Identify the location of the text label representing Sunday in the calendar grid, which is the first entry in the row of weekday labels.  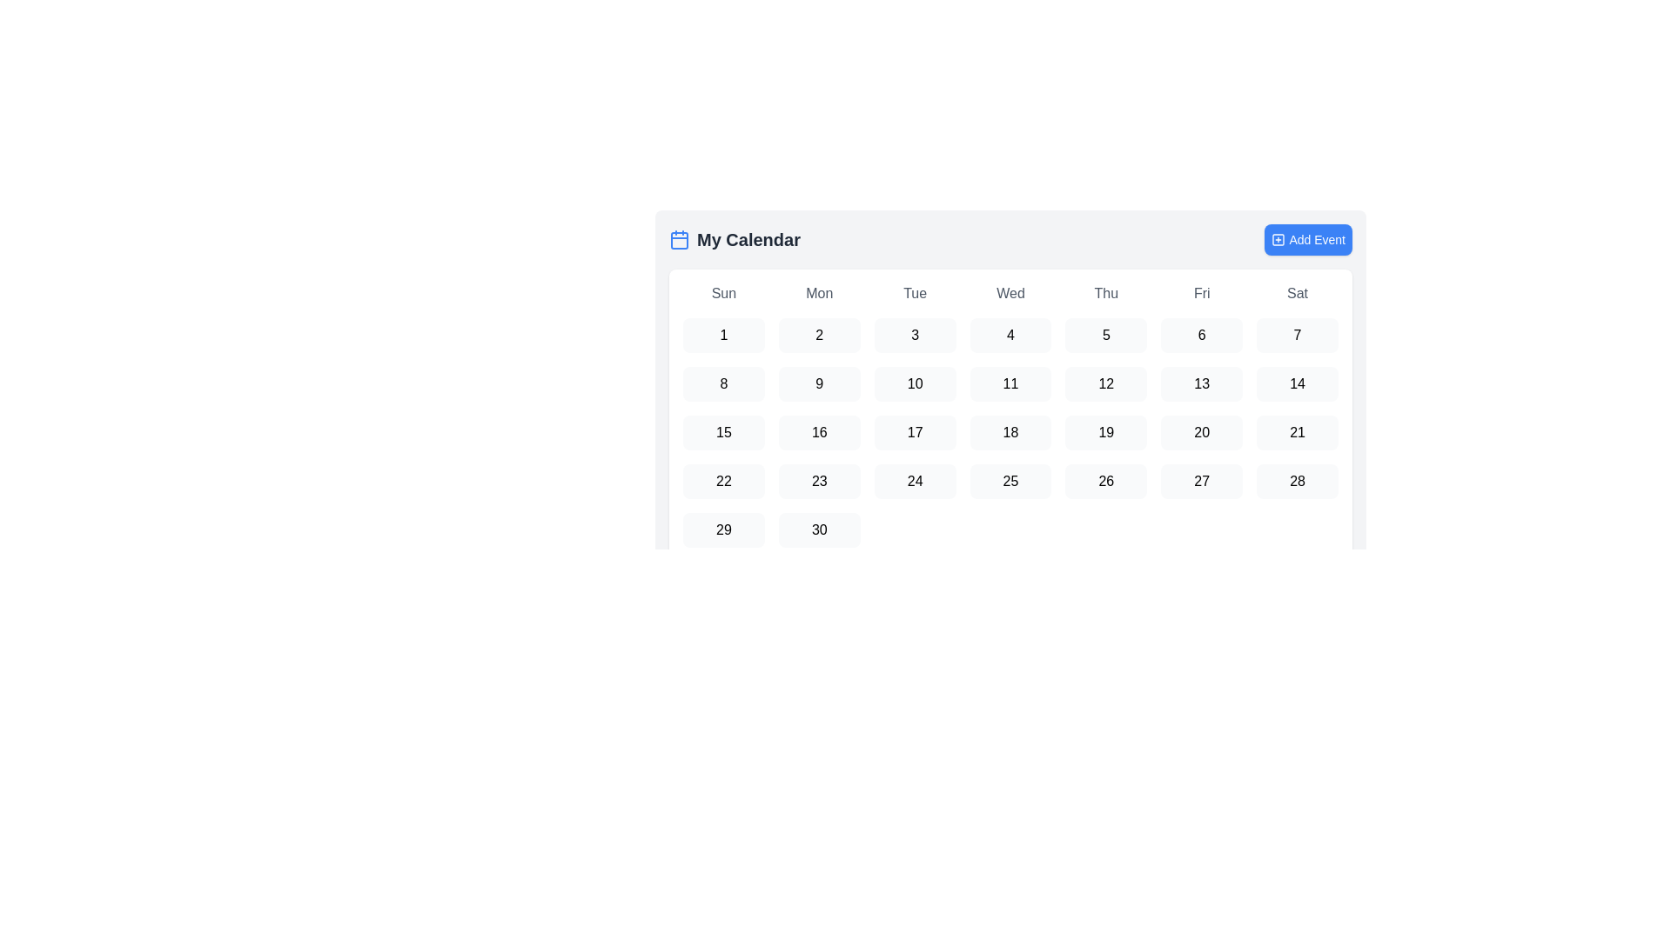
(723, 293).